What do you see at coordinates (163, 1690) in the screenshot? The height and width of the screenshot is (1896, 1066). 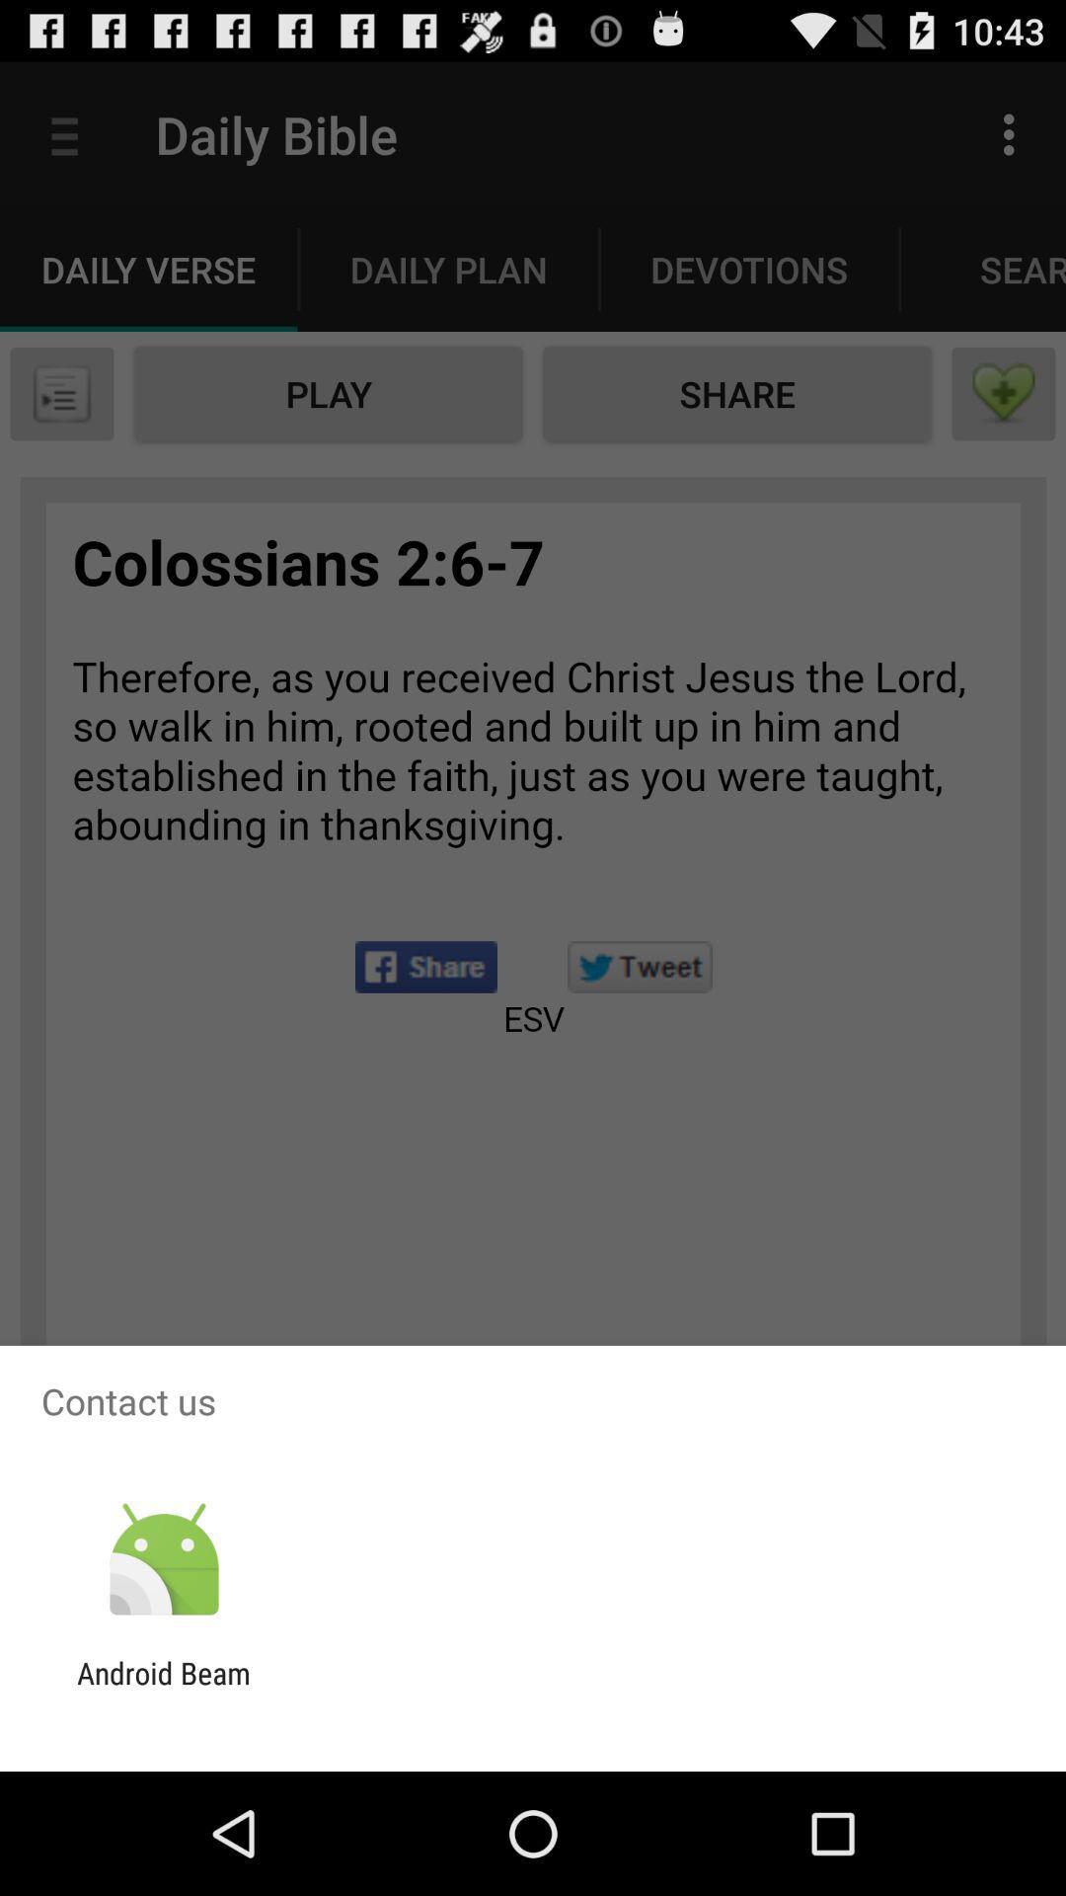 I see `the android beam item` at bounding box center [163, 1690].